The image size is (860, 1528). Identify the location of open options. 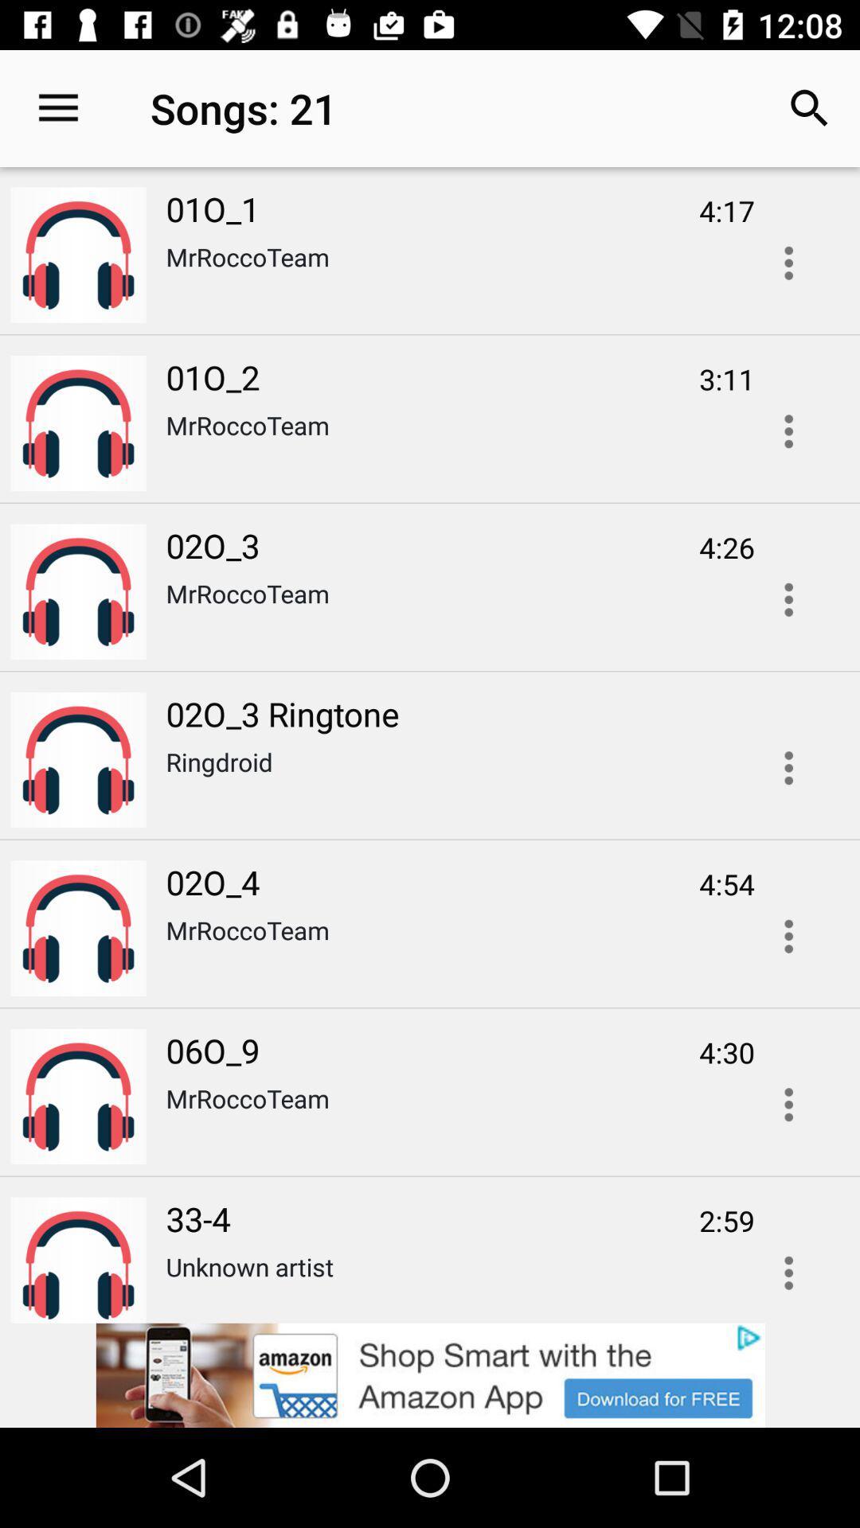
(788, 598).